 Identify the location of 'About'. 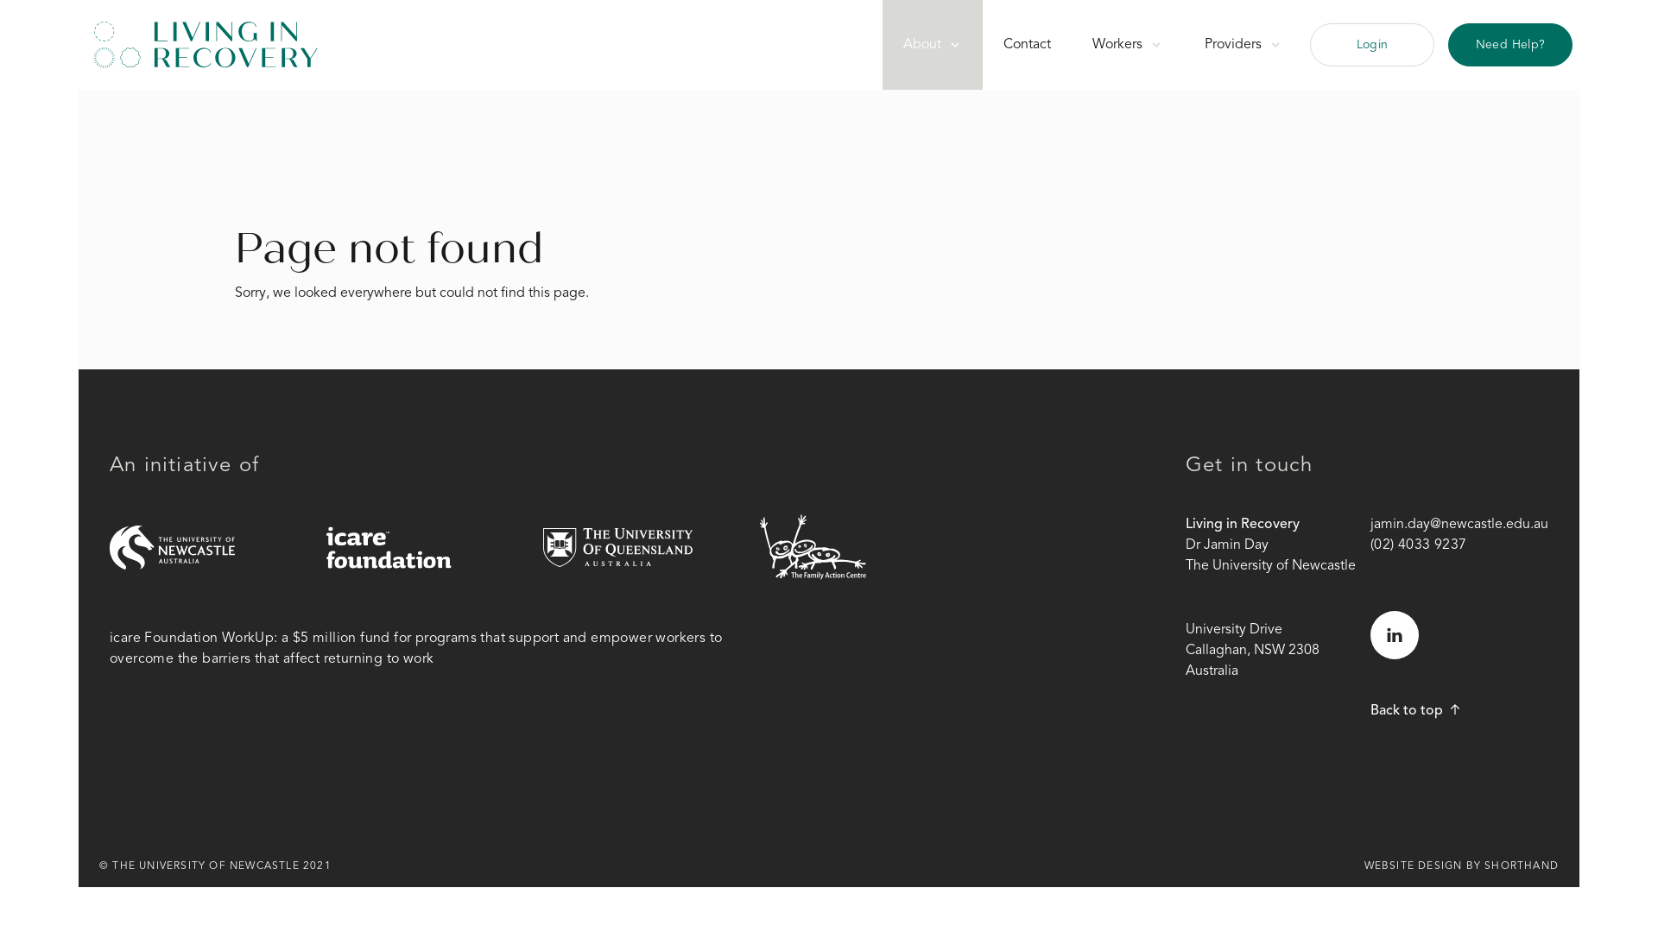
(932, 43).